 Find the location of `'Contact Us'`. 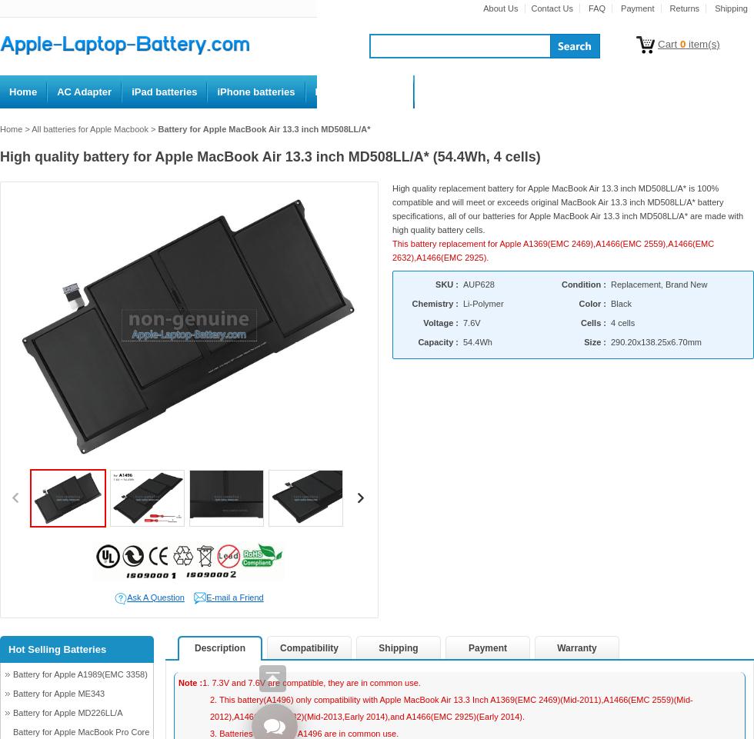

'Contact Us' is located at coordinates (551, 7).